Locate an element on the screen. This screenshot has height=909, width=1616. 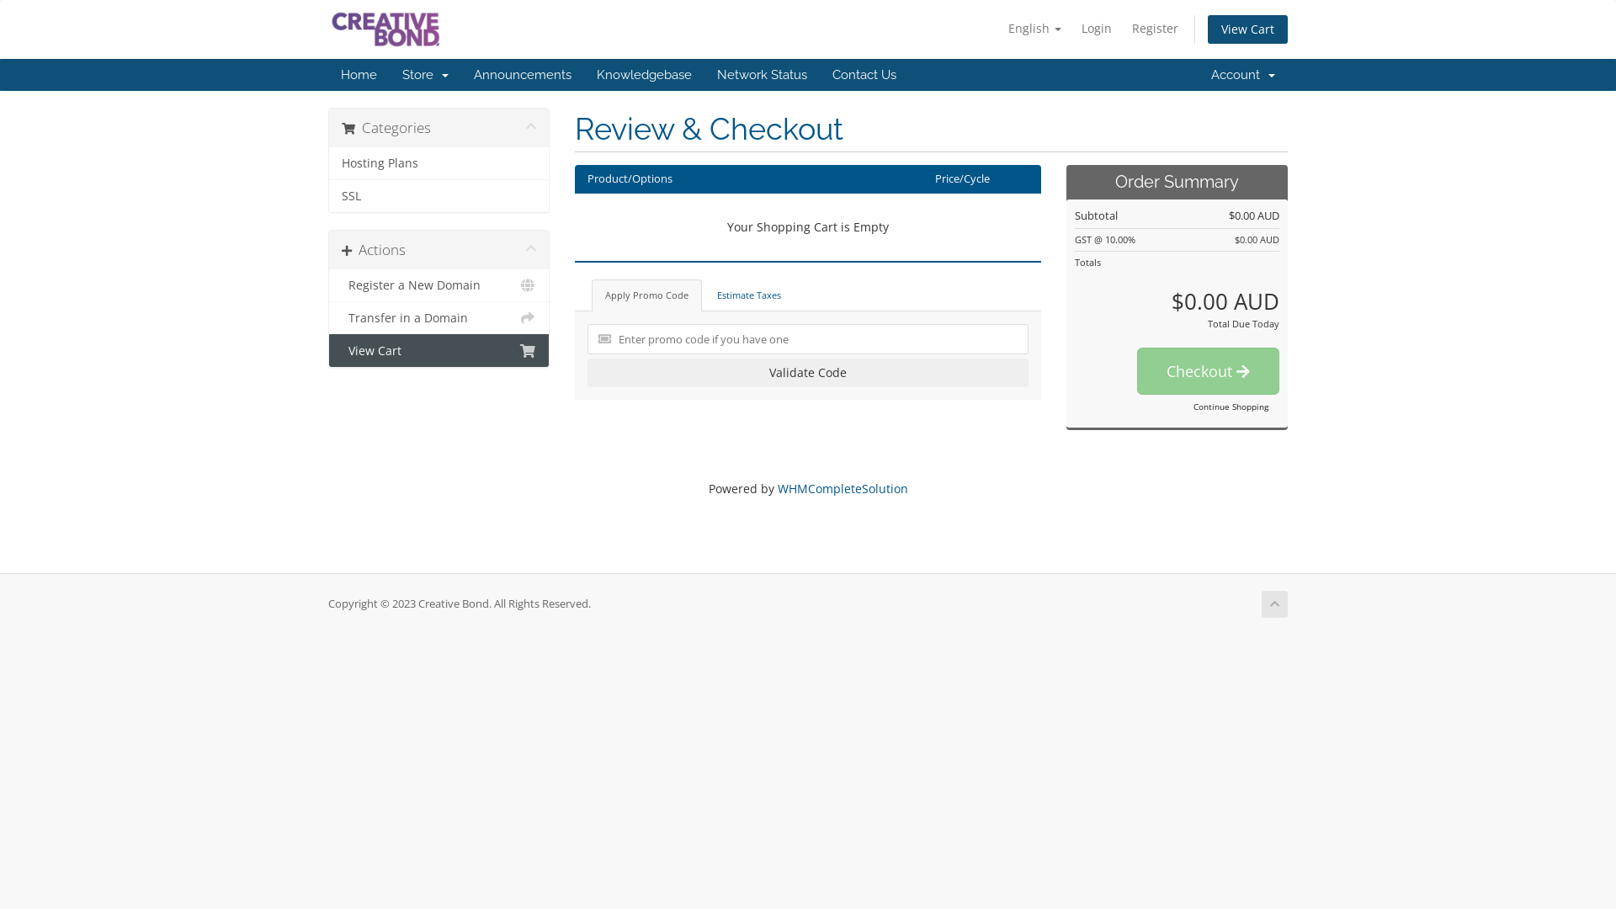
'SSL' is located at coordinates (439, 194).